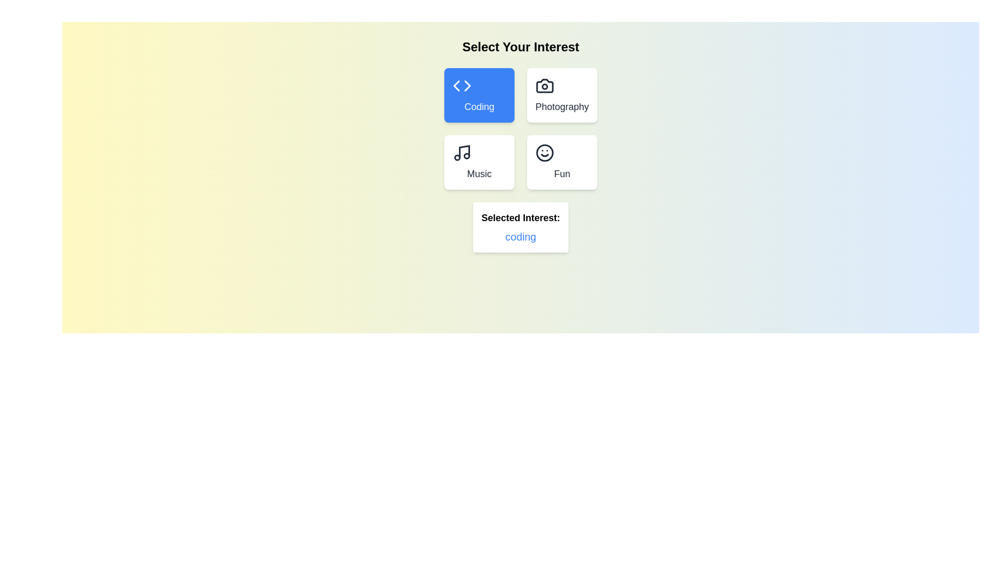  Describe the element at coordinates (562, 162) in the screenshot. I see `the button corresponding to the interest Fun` at that location.